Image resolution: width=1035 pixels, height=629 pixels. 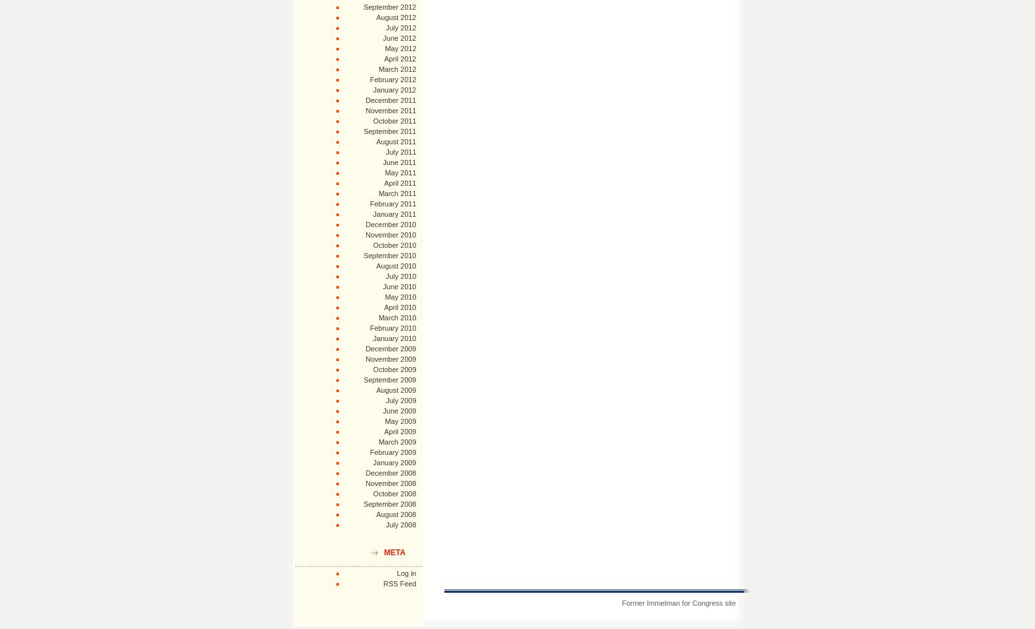 What do you see at coordinates (389, 256) in the screenshot?
I see `'September 2010'` at bounding box center [389, 256].